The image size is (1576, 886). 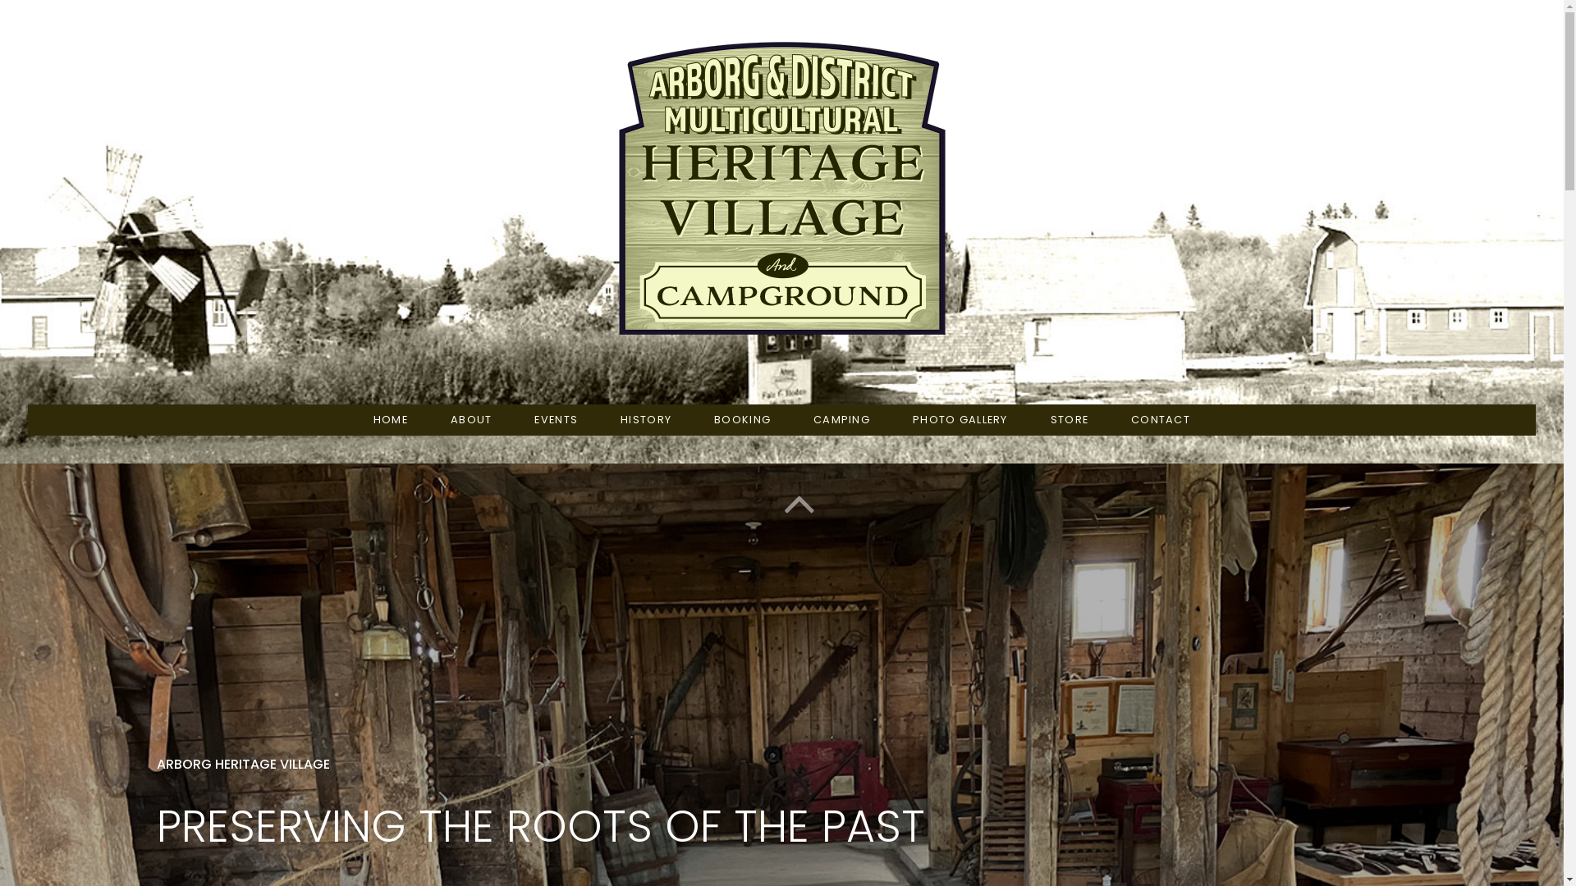 What do you see at coordinates (1069, 419) in the screenshot?
I see `'STORE'` at bounding box center [1069, 419].